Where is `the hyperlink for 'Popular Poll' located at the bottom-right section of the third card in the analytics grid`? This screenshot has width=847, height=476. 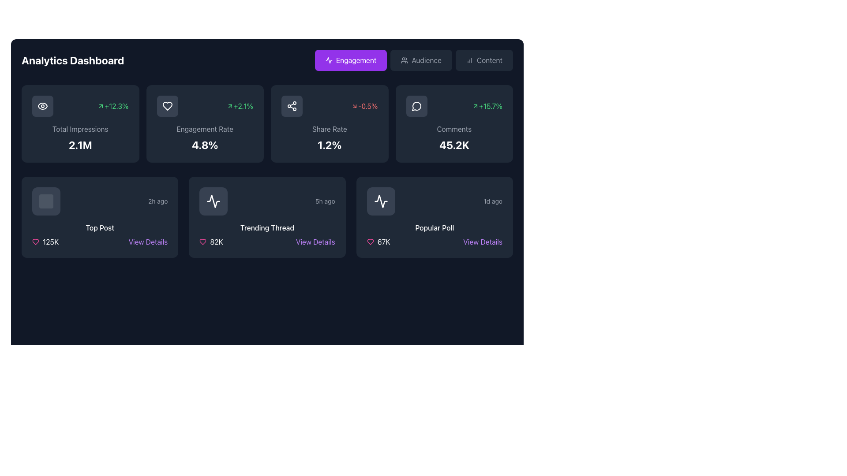
the hyperlink for 'Popular Poll' located at the bottom-right section of the third card in the analytics grid is located at coordinates (482, 242).